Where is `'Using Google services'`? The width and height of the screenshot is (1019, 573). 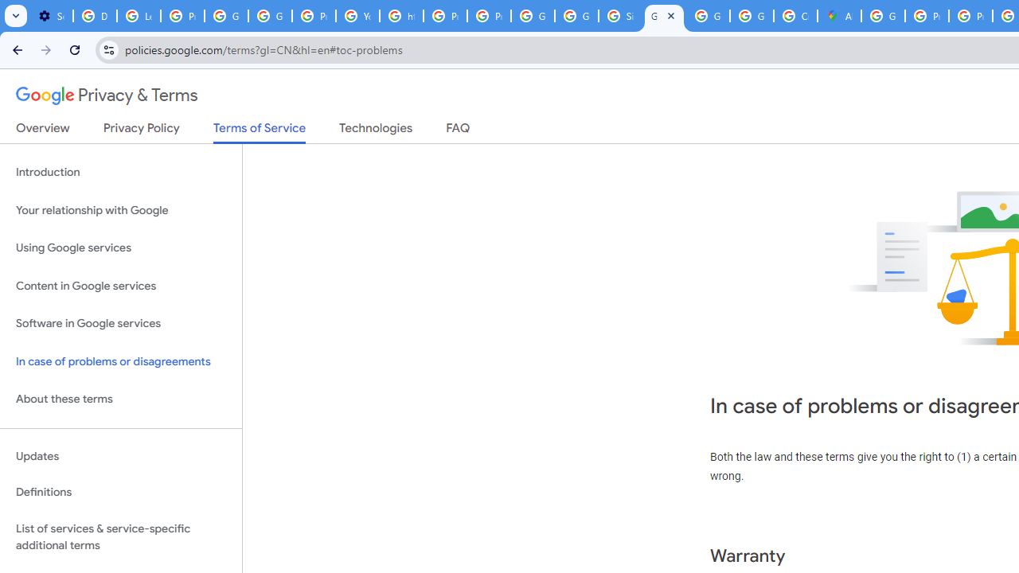 'Using Google services' is located at coordinates (120, 248).